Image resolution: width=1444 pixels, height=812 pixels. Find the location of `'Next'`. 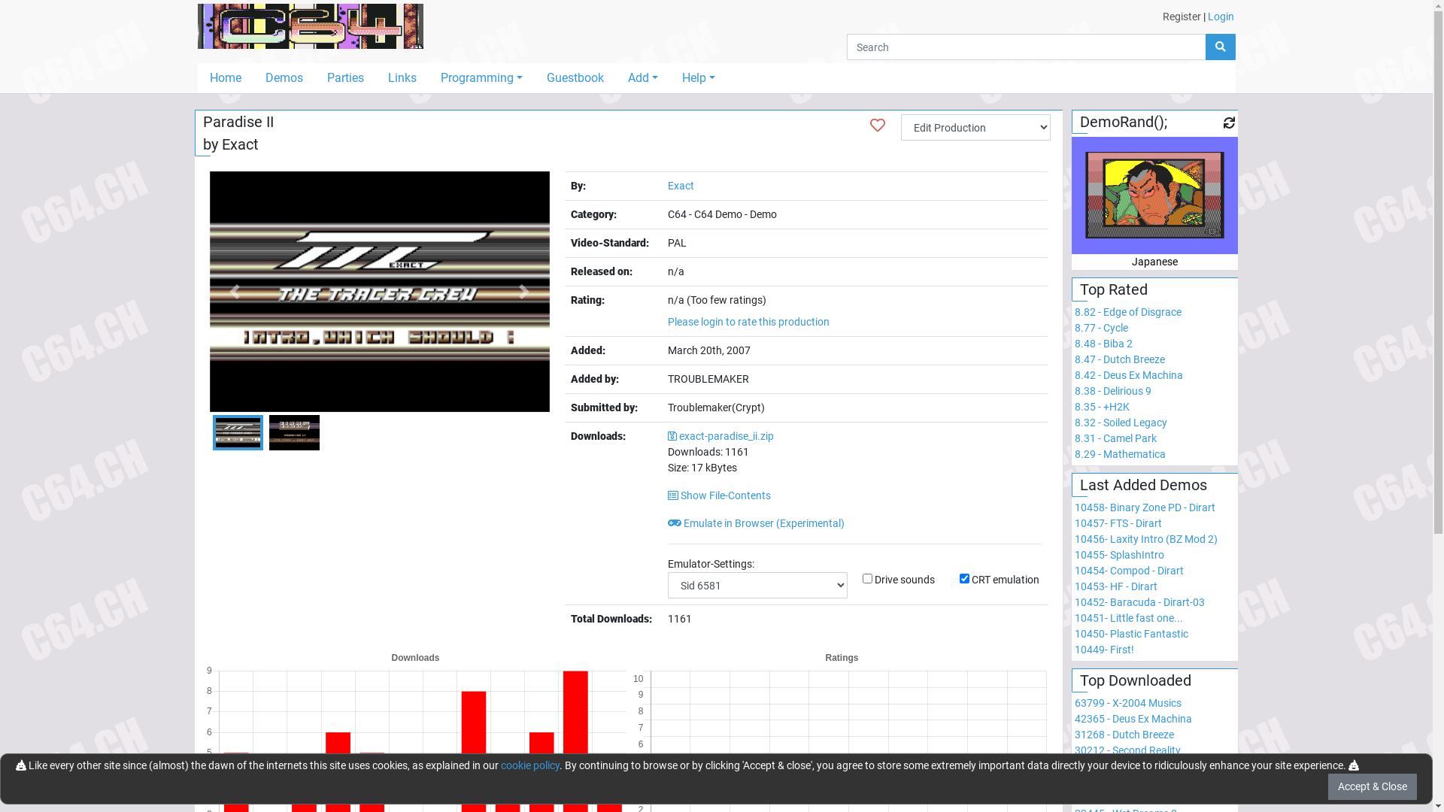

'Next' is located at coordinates (523, 292).